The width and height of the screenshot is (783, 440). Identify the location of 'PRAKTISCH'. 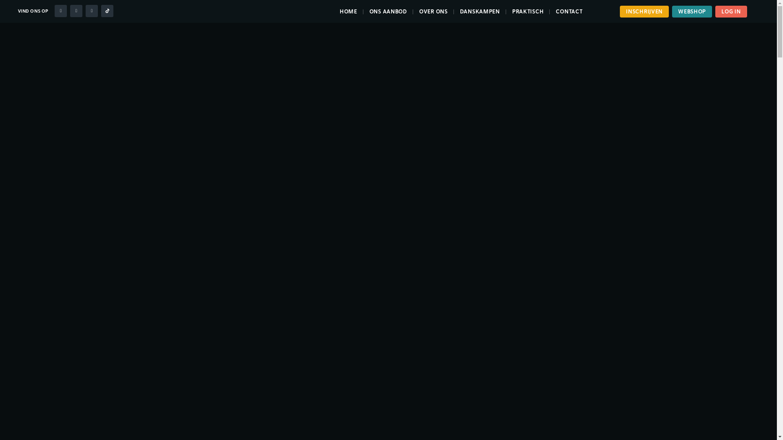
(528, 11).